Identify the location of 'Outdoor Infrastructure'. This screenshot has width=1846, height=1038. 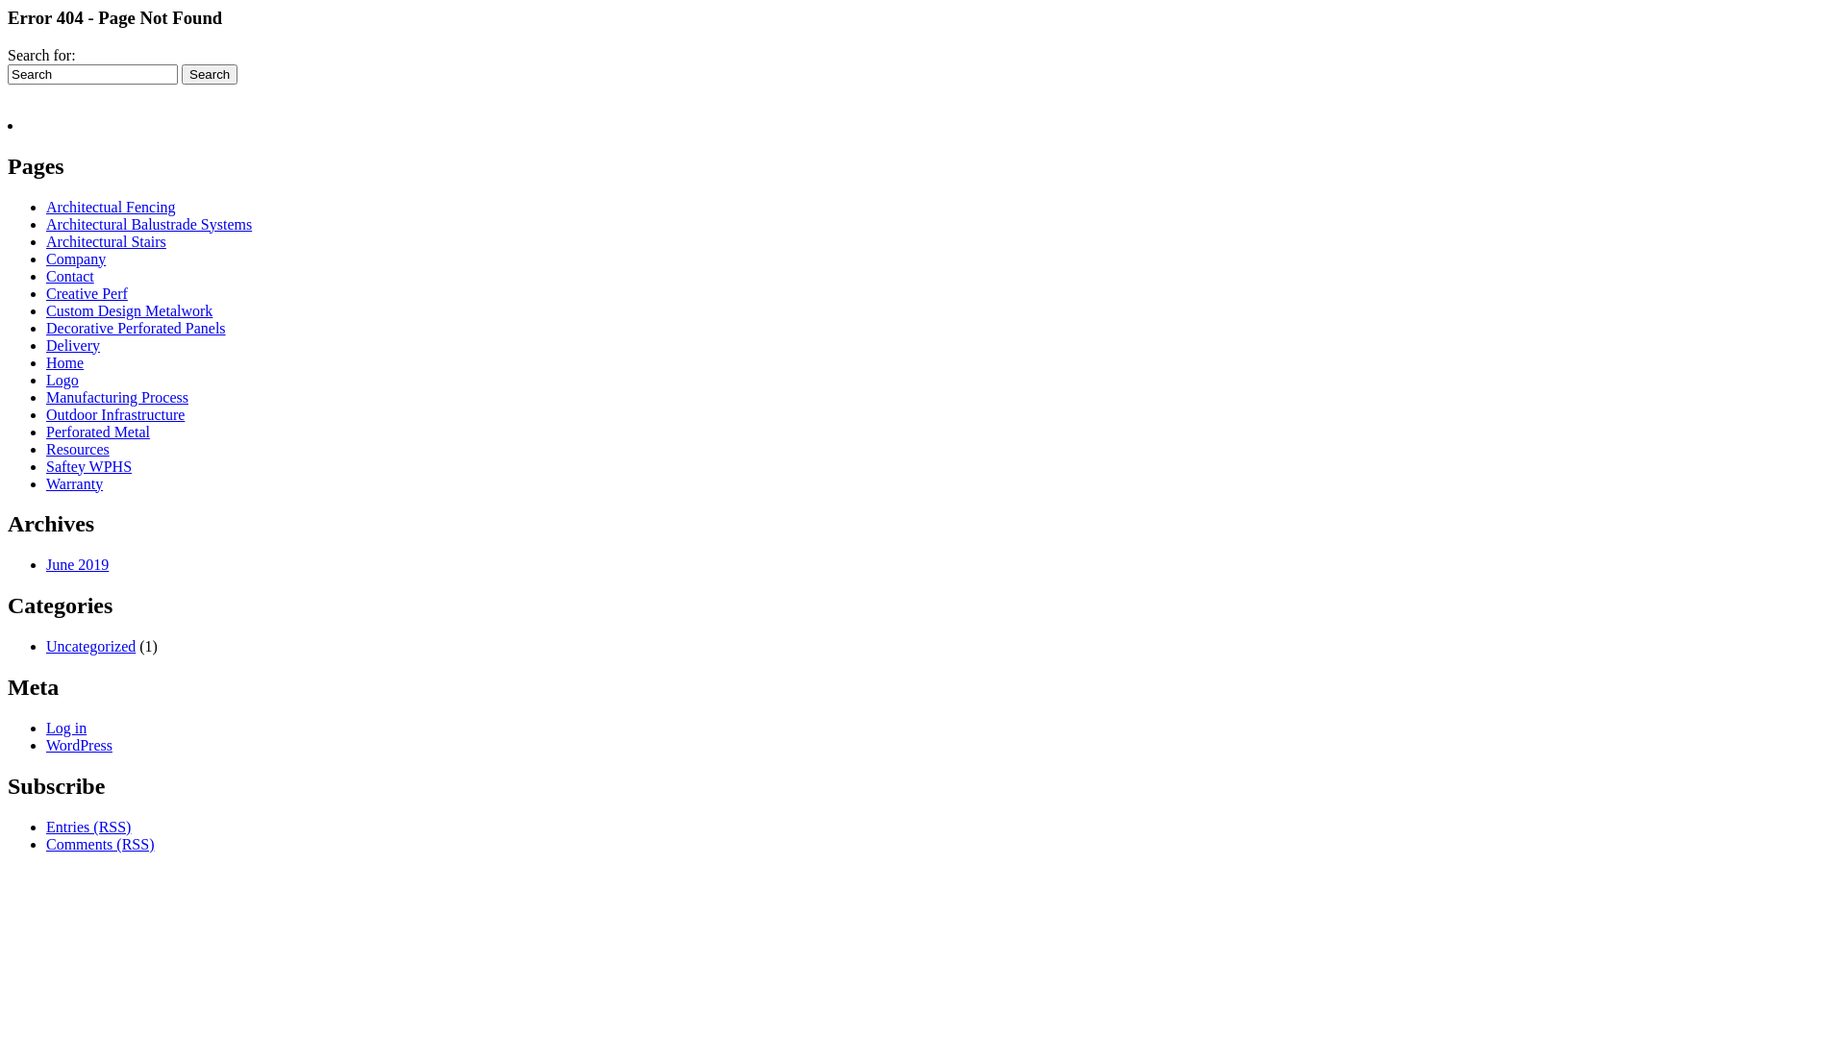
(46, 413).